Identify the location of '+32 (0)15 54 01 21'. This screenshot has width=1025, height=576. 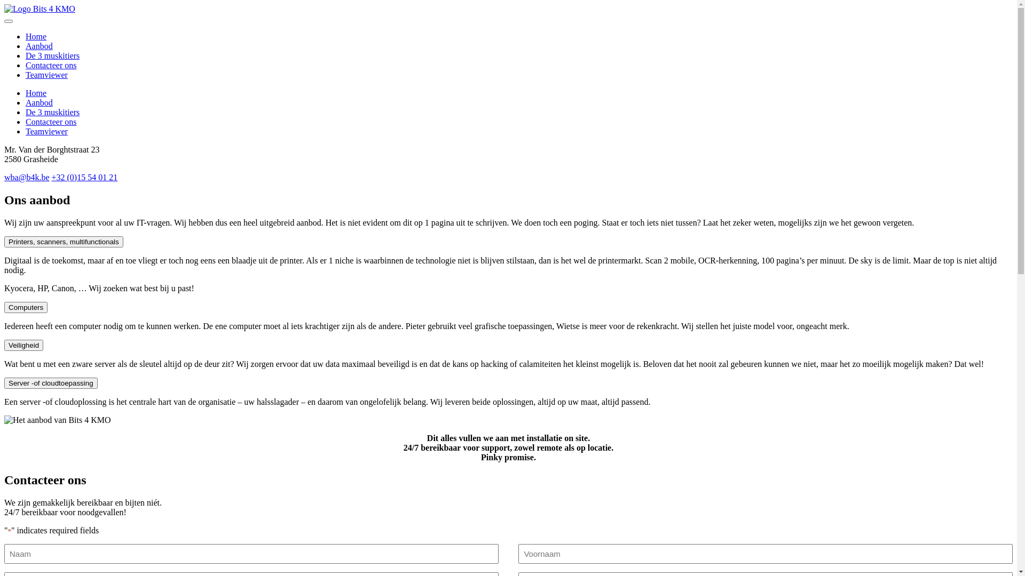
(84, 177).